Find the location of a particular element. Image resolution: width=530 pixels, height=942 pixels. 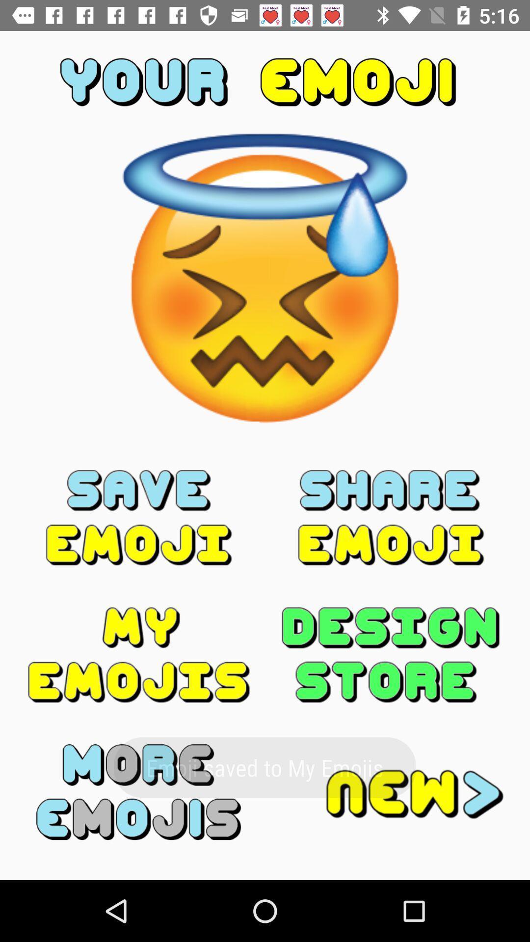

more emojis is located at coordinates (139, 792).